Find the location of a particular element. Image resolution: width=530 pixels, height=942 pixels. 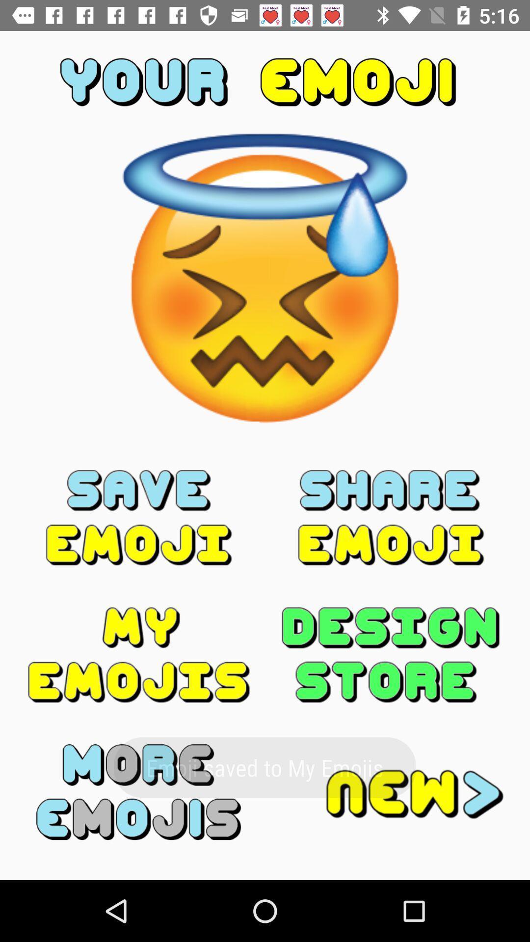

more emojis is located at coordinates (139, 792).